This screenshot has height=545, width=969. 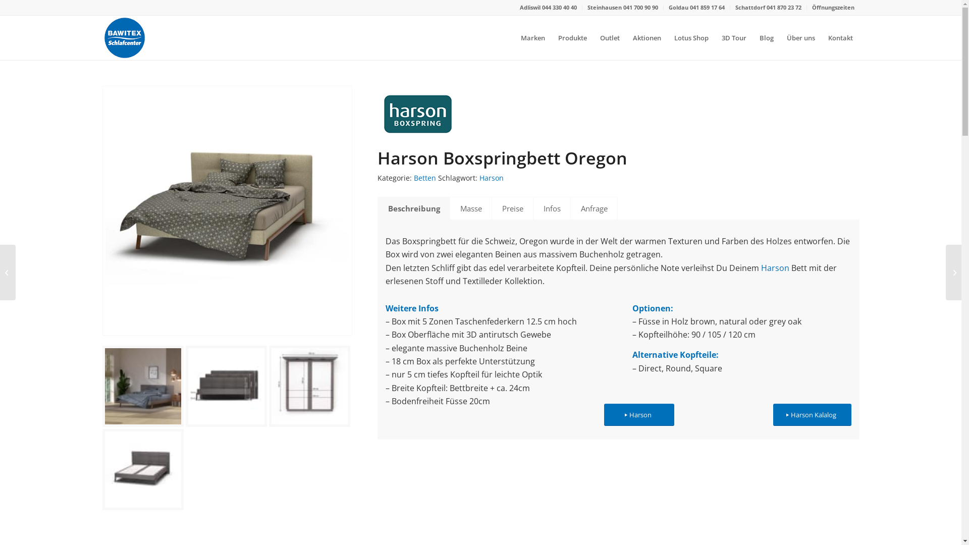 I want to click on '041 700 90 90', so click(x=622, y=7).